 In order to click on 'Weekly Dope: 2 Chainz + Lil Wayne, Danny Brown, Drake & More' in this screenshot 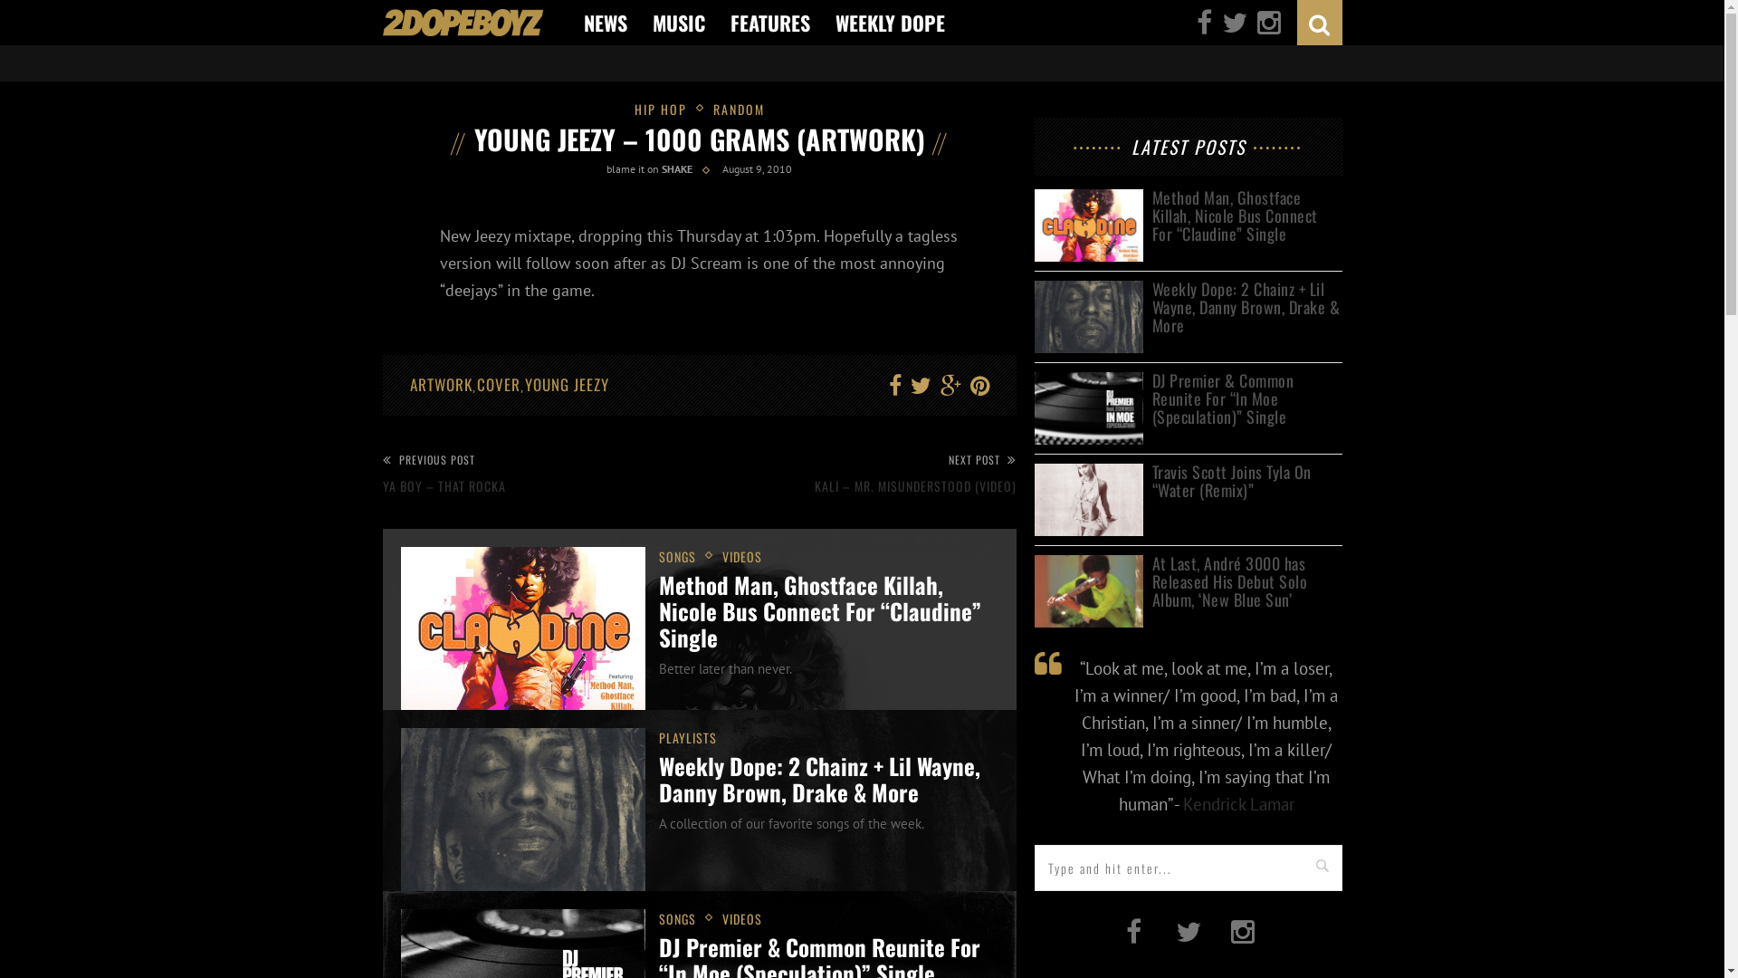, I will do `click(1086, 289)`.